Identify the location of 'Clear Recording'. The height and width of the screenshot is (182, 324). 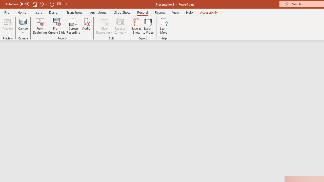
(104, 26).